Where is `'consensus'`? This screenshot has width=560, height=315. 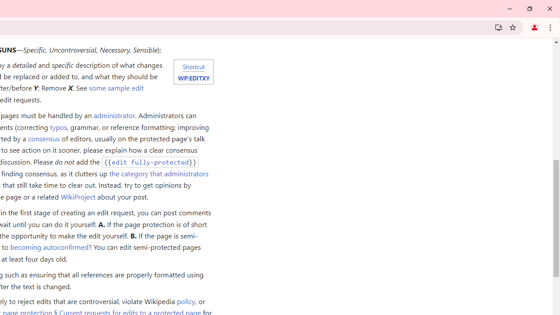 'consensus' is located at coordinates (43, 138).